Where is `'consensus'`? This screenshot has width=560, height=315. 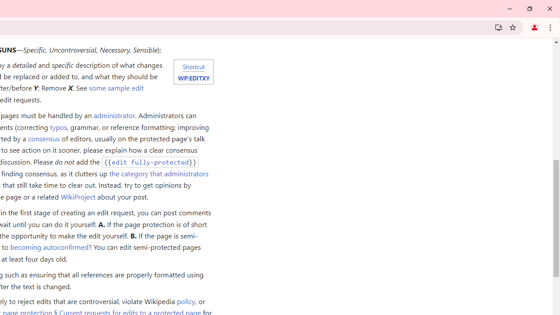 'consensus' is located at coordinates (43, 138).